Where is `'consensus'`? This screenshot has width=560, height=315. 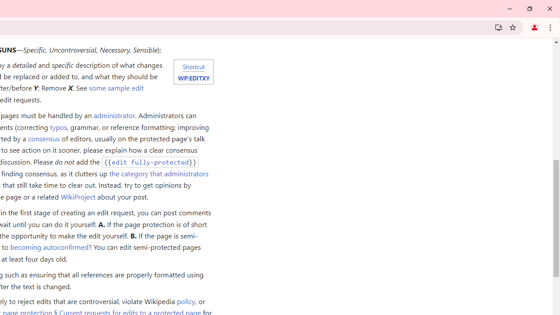 'consensus' is located at coordinates (43, 138).